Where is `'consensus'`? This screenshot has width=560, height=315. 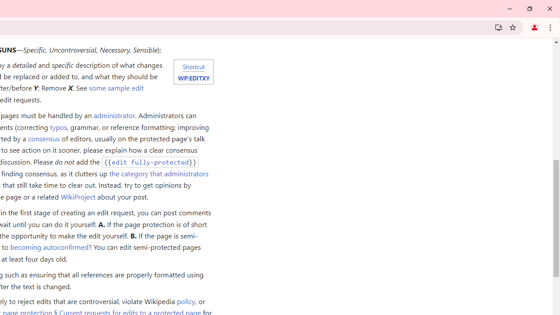 'consensus' is located at coordinates (43, 138).